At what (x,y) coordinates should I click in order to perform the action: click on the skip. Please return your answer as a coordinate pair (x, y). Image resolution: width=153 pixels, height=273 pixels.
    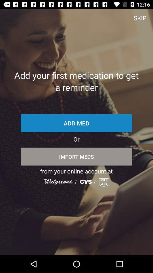
    Looking at the image, I should click on (140, 18).